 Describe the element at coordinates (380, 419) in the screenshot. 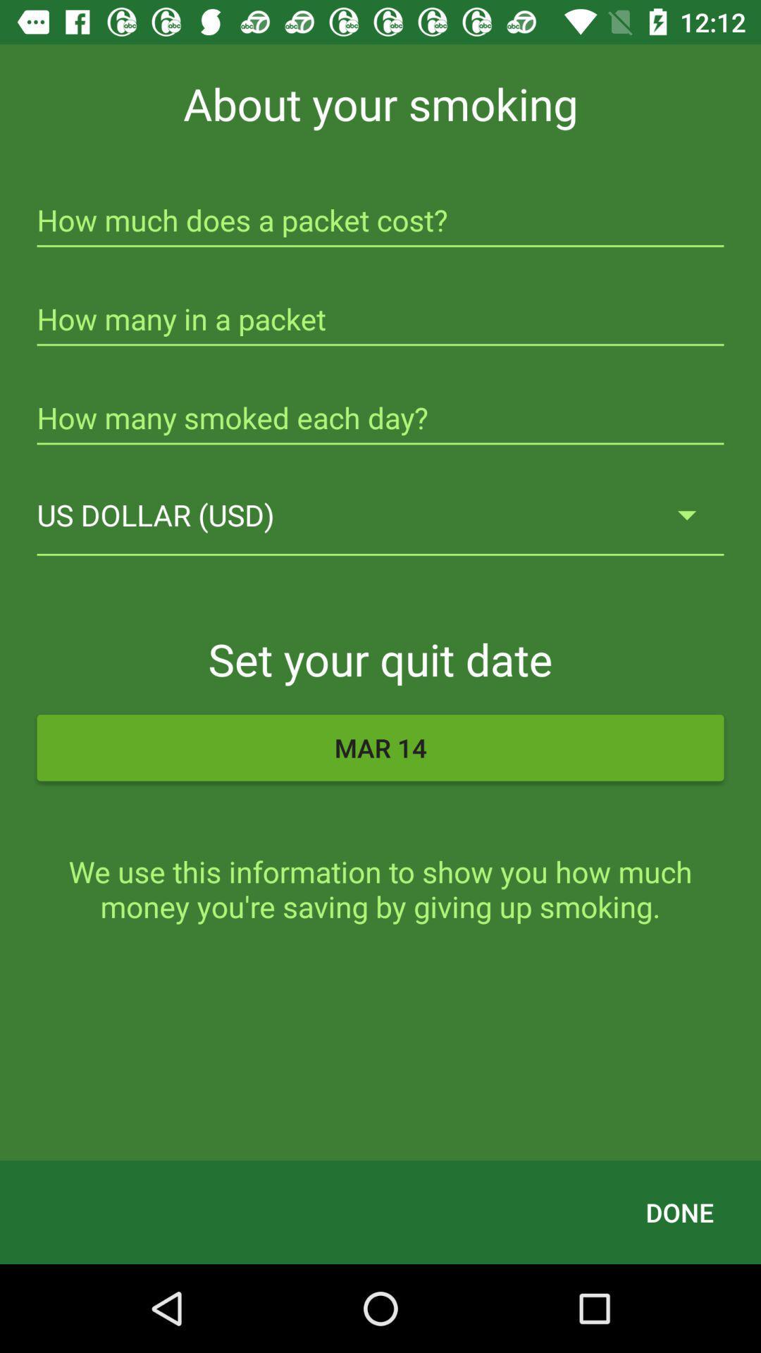

I see `the icon above us dollar (usd) icon` at that location.